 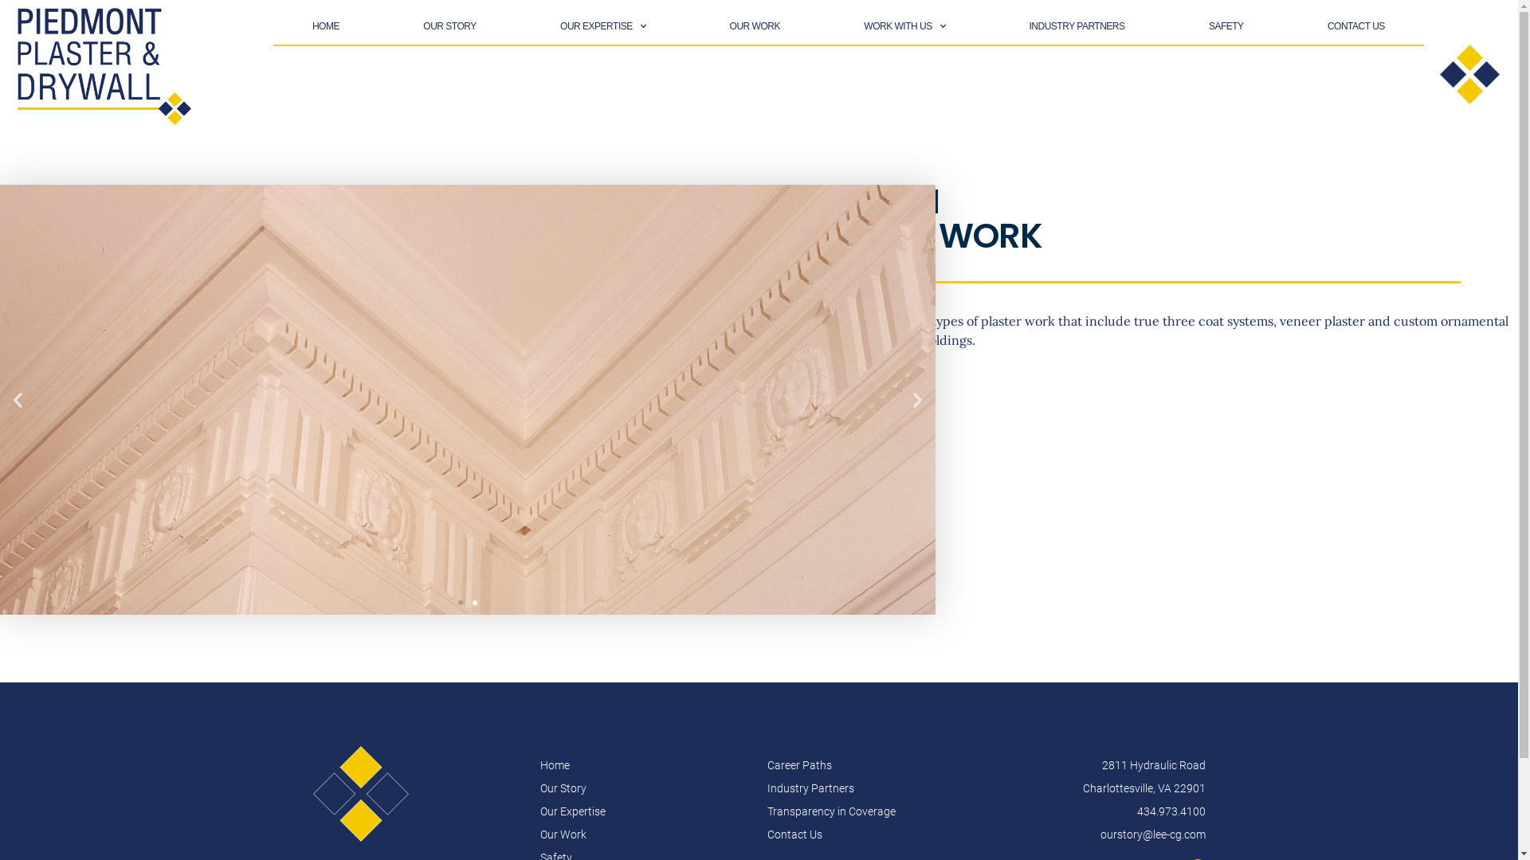 What do you see at coordinates (753, 26) in the screenshot?
I see `'OUR WORK'` at bounding box center [753, 26].